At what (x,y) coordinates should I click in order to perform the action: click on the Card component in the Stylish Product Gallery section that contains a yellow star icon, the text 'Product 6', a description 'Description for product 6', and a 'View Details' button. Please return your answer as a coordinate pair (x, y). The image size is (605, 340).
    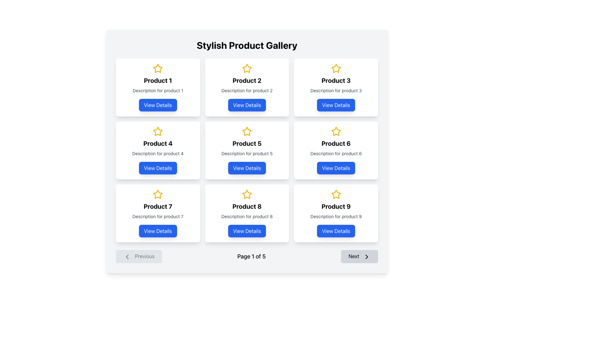
    Looking at the image, I should click on (336, 150).